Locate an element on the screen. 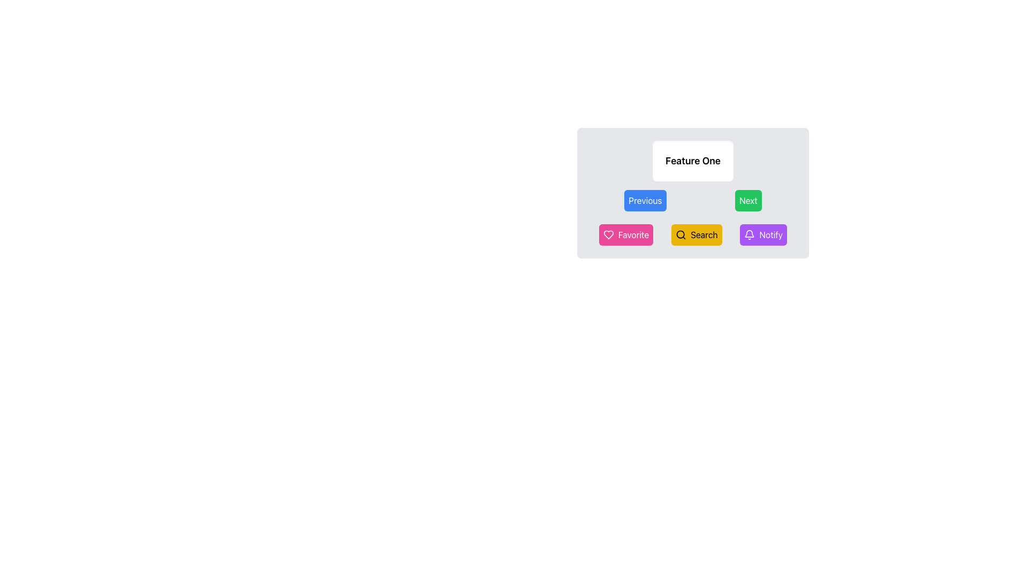 The width and height of the screenshot is (1028, 578). the green 'Next' button with rounded corners and white text to proceed is located at coordinates (747, 200).